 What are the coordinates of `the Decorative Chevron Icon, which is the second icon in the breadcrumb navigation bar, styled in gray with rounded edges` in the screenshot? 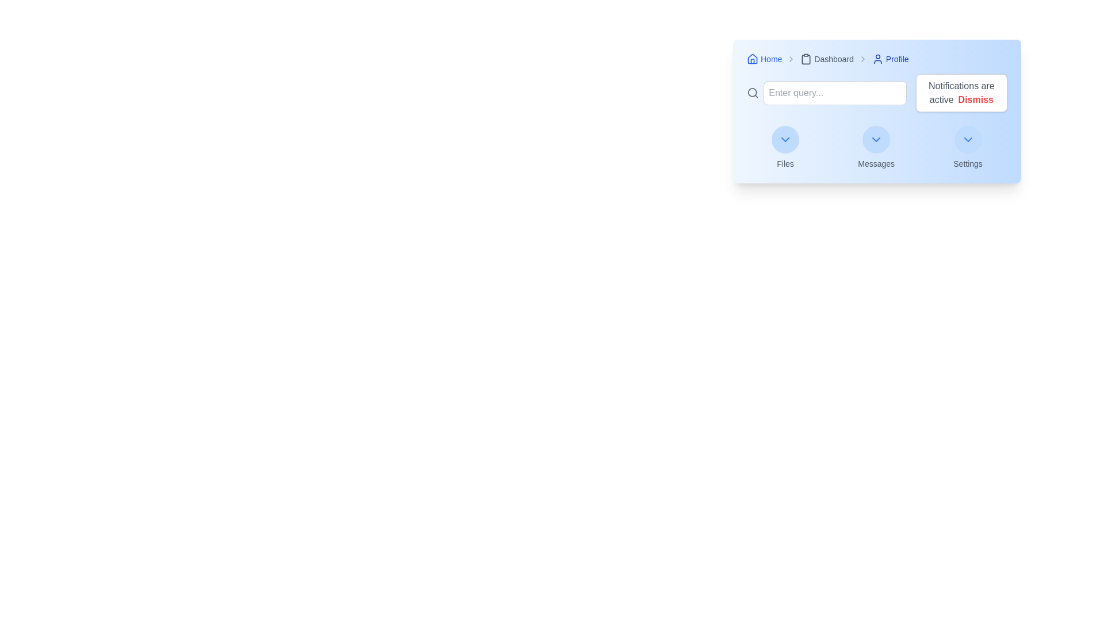 It's located at (791, 59).